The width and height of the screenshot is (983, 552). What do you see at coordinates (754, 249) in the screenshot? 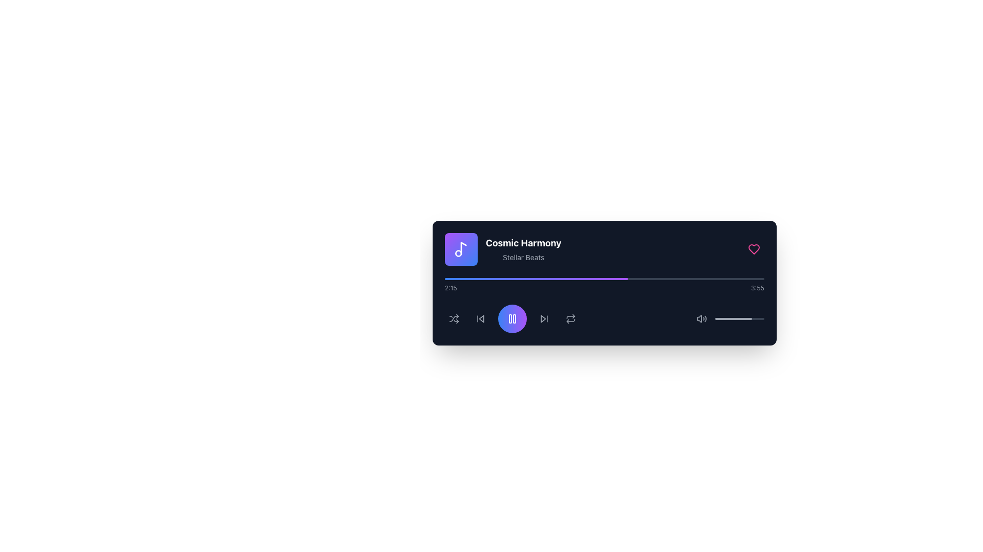
I see `the heart icon located at the top-right corner of the player area` at bounding box center [754, 249].